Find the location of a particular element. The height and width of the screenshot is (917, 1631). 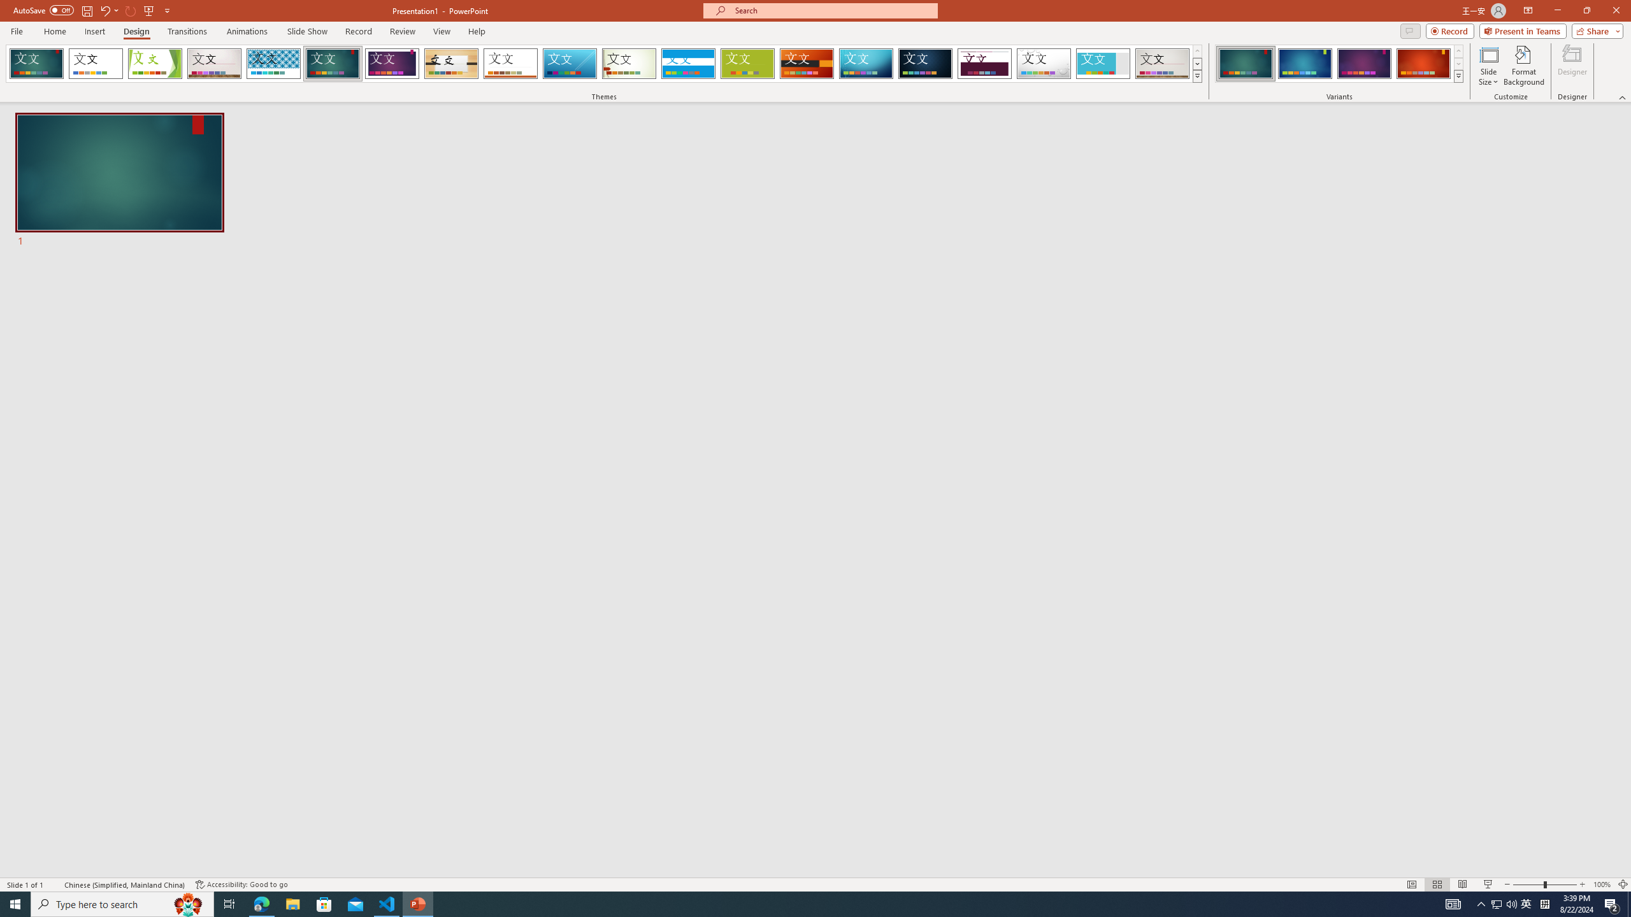

'Ion Loading Preview...' is located at coordinates (332, 63).